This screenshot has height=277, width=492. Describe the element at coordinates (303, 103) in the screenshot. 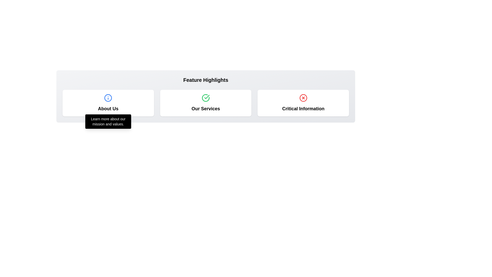

I see `the information displayed on the 'Critical Information' card, which is a rectangular card with a white background and a red circular icon with a cross symbol at the top` at that location.